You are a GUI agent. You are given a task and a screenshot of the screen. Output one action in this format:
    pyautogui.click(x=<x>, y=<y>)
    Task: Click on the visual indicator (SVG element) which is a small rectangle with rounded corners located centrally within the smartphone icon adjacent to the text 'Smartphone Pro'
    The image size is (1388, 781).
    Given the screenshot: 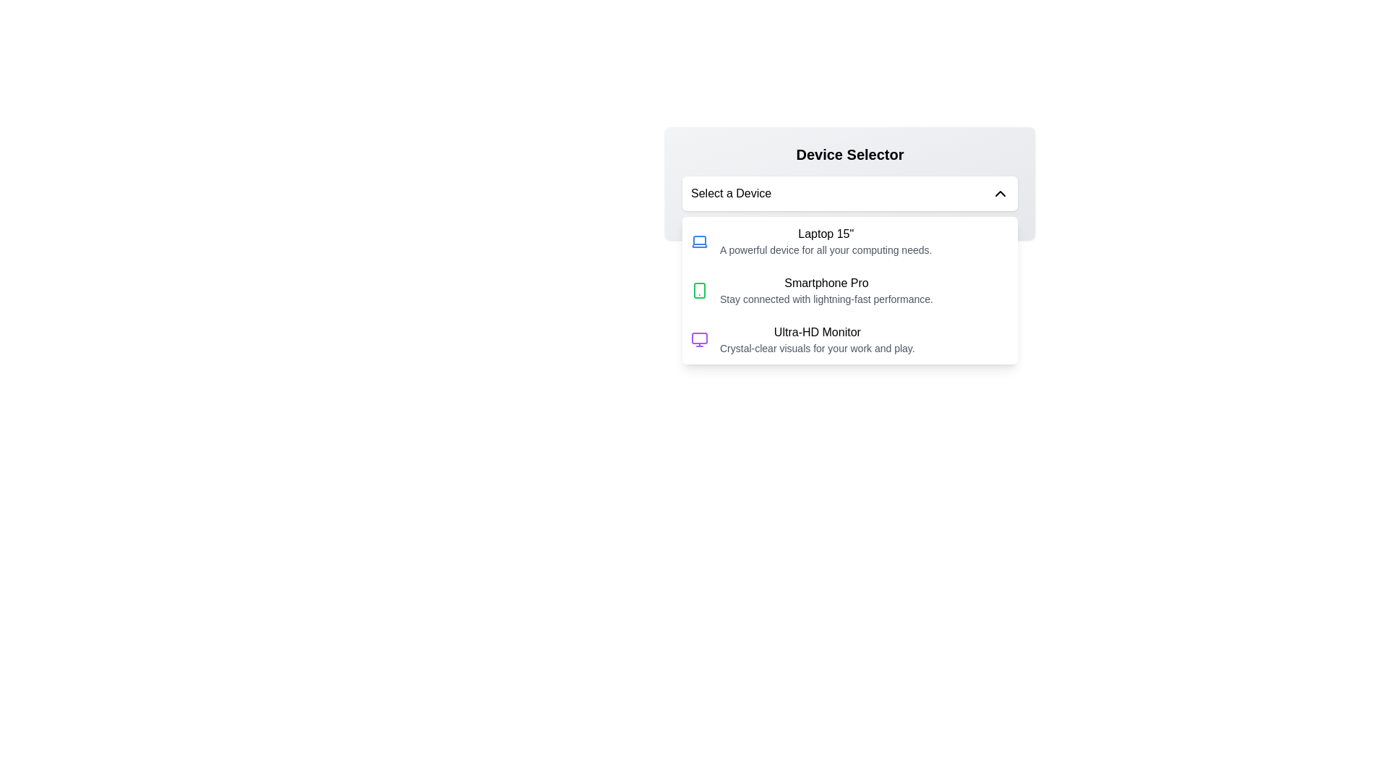 What is the action you would take?
    pyautogui.click(x=700, y=290)
    